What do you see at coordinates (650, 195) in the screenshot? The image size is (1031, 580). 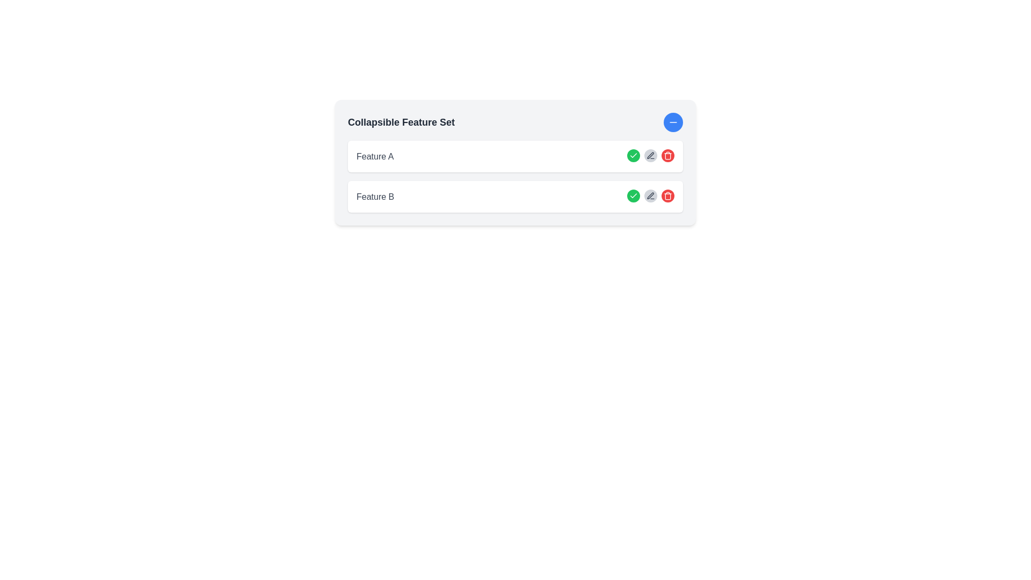 I see `the gray pen icon button located in the second row of actions for Feature B on the left side among the action icons` at bounding box center [650, 195].